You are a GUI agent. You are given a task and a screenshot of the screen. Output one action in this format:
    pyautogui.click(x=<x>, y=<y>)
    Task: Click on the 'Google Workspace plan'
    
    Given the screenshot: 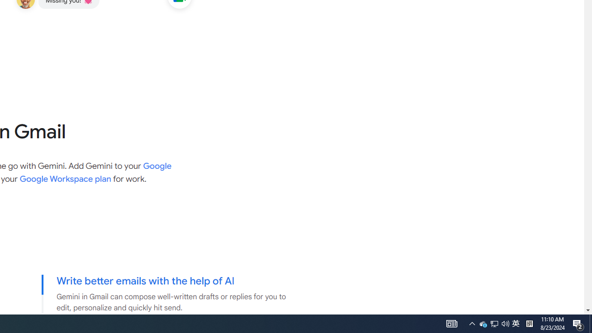 What is the action you would take?
    pyautogui.click(x=65, y=179)
    